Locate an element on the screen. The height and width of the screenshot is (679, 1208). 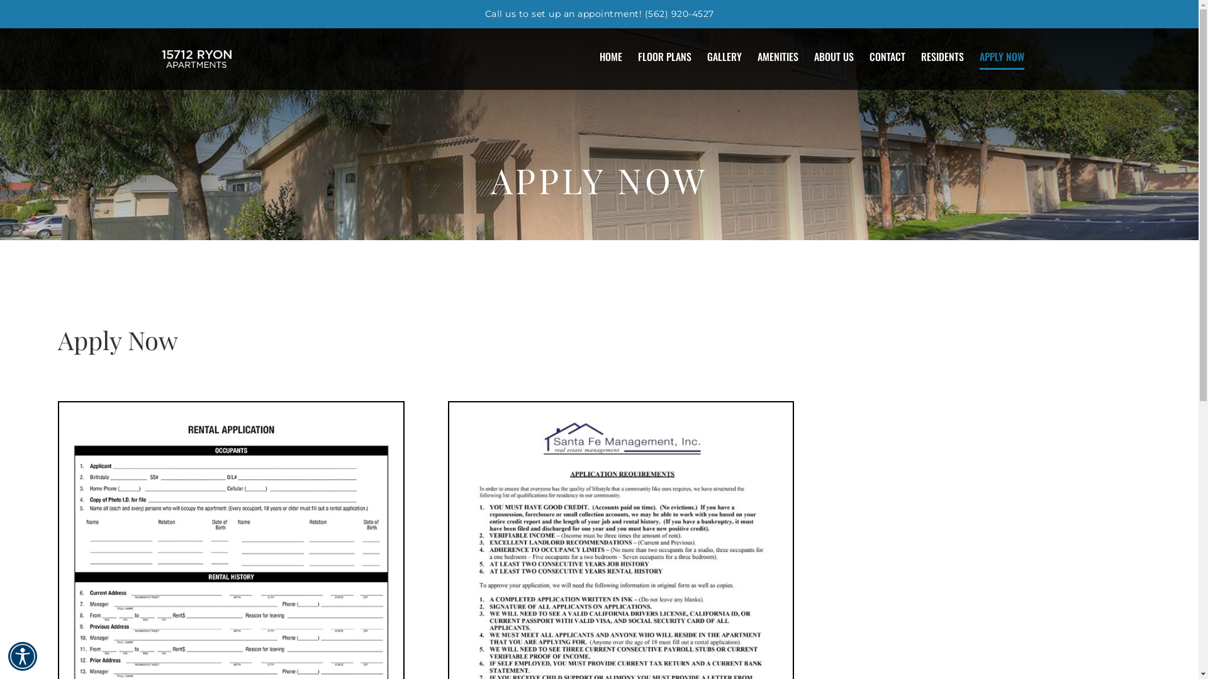
'HOME' is located at coordinates (598, 55).